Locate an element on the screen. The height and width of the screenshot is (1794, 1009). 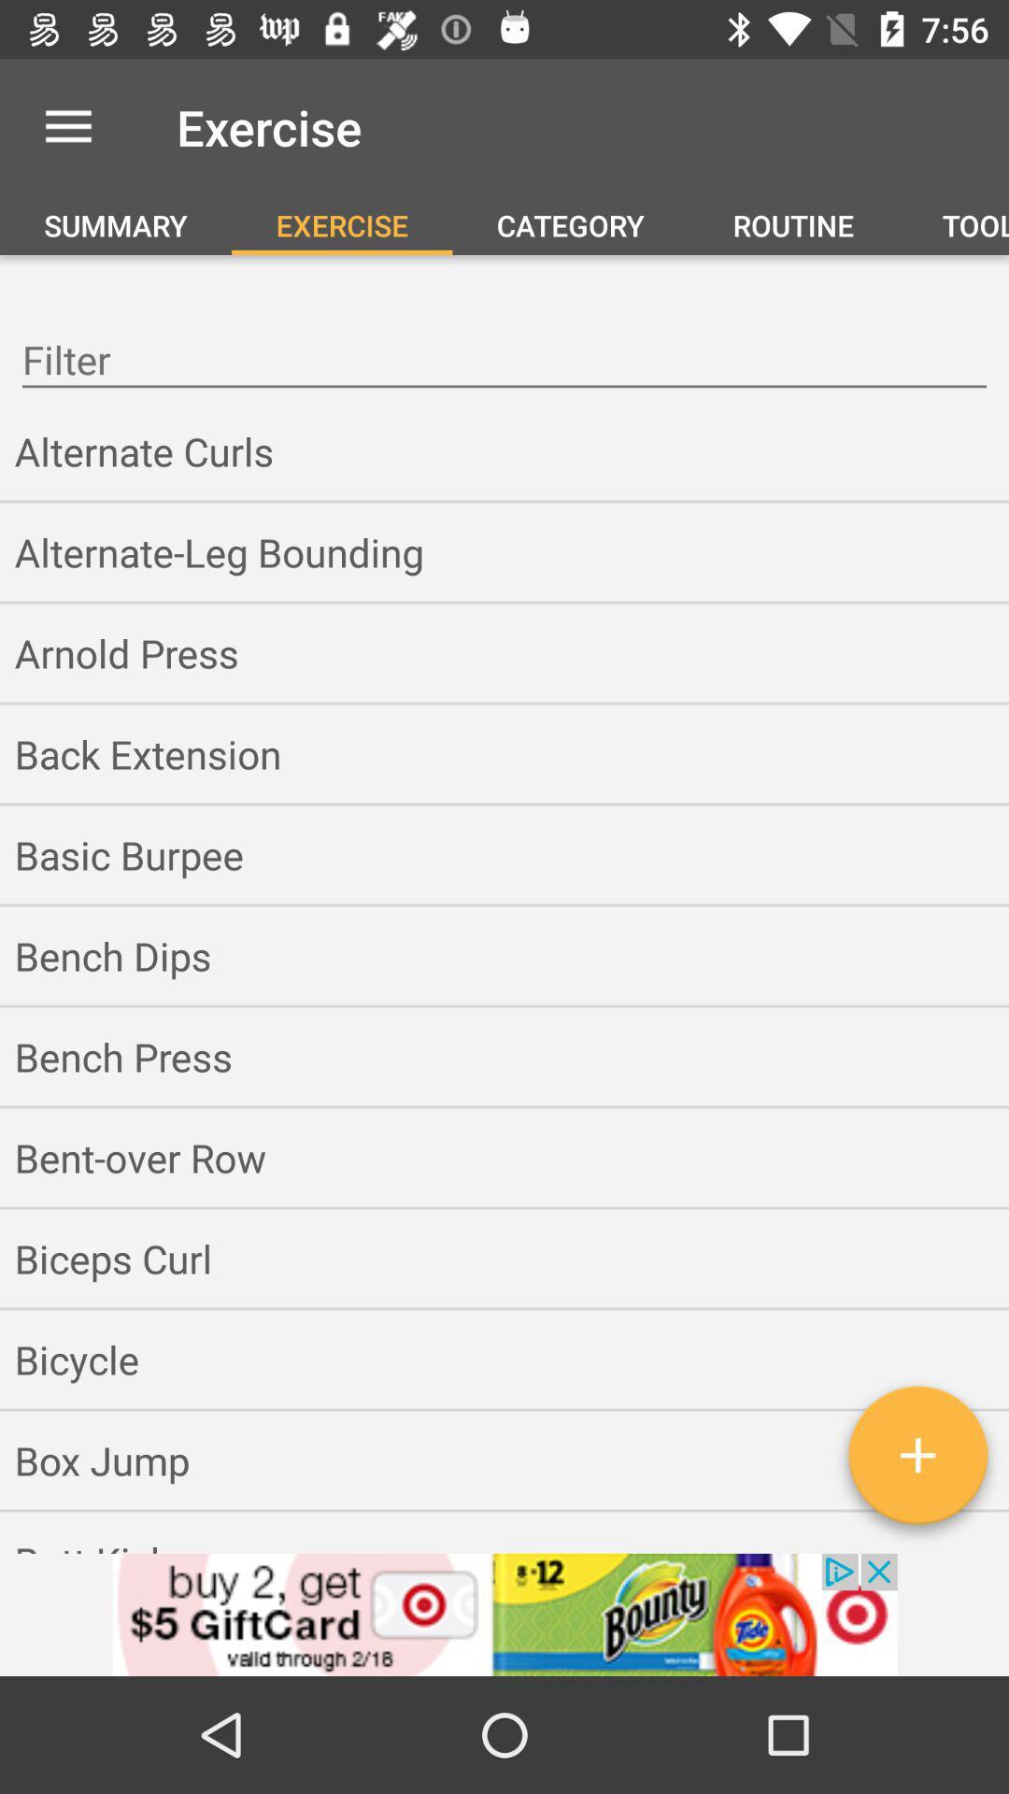
the option is located at coordinates (504, 1614).